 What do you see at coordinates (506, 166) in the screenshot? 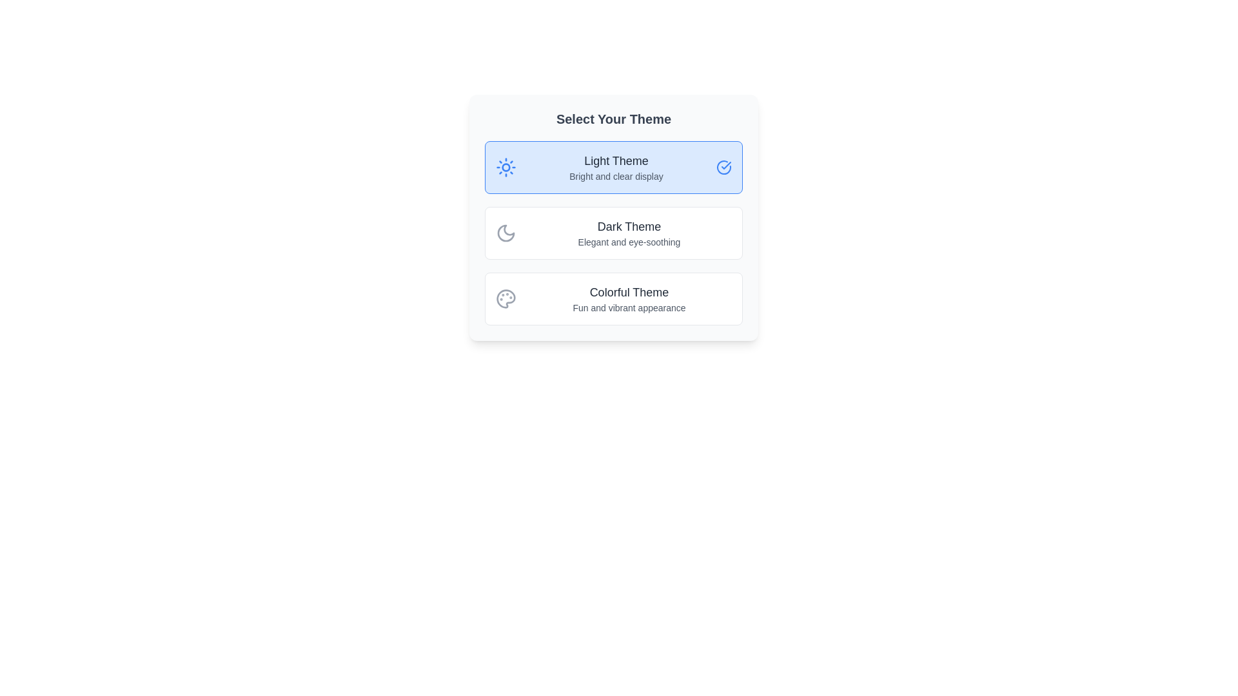
I see `small circle element located at the center of the sun icon in the 'Light Theme' selection dialog` at bounding box center [506, 166].